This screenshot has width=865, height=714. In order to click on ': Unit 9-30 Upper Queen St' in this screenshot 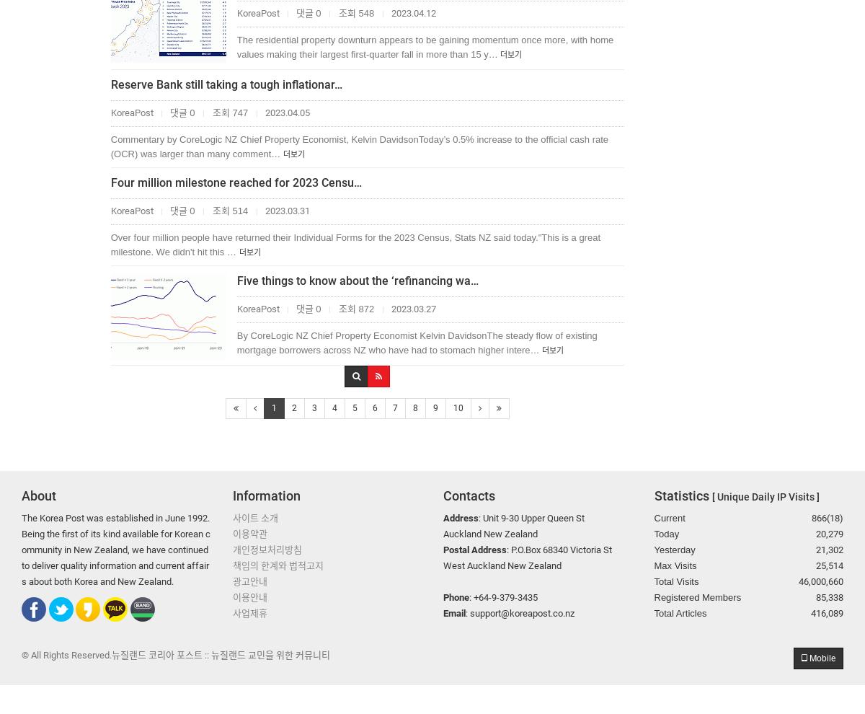, I will do `click(531, 516)`.